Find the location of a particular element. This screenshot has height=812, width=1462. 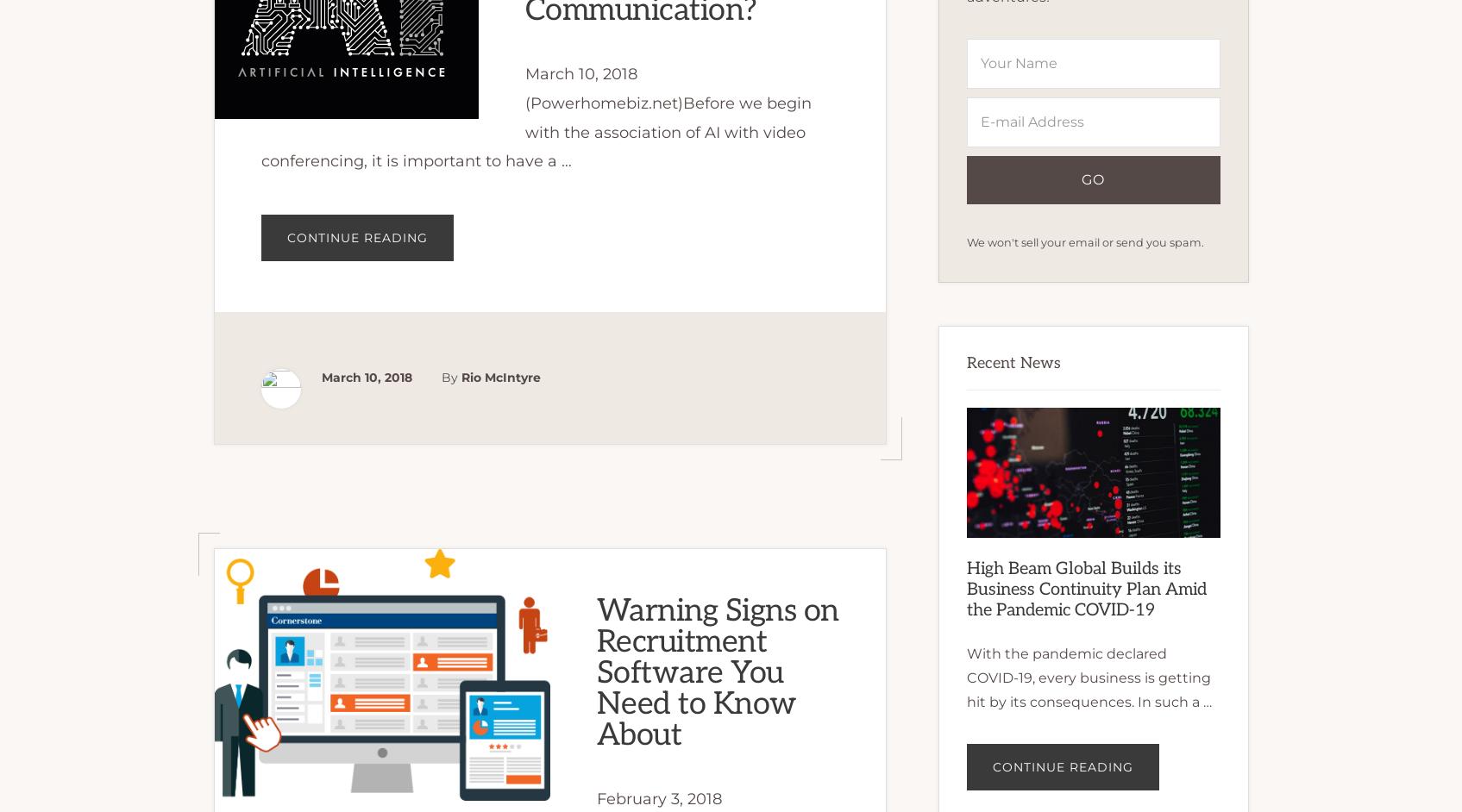

'Rio McIntyre' is located at coordinates (500, 375).